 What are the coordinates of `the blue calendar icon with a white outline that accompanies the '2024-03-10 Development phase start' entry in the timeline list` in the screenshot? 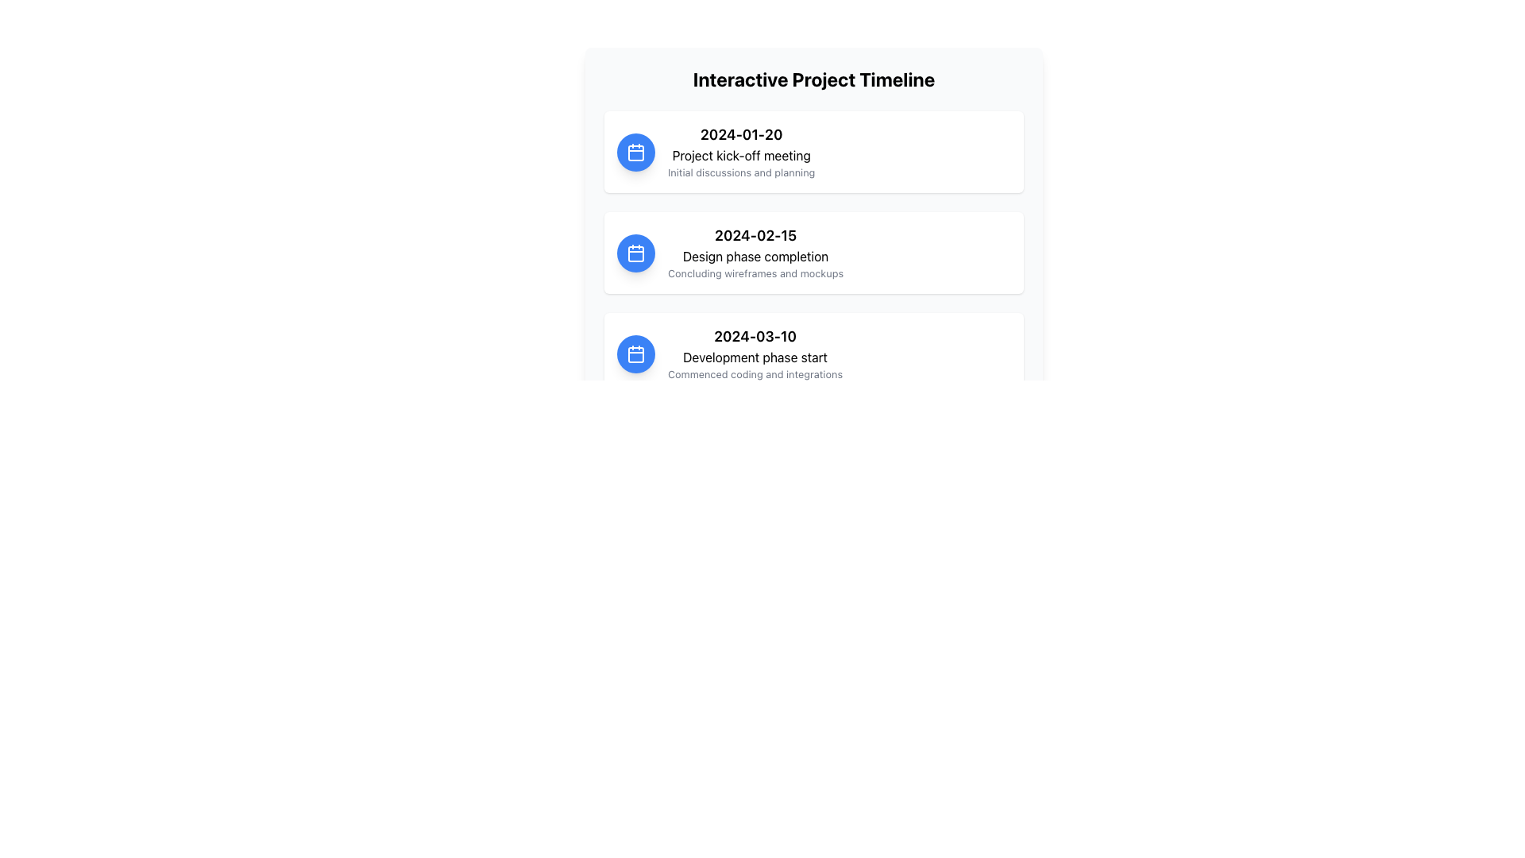 It's located at (636, 352).